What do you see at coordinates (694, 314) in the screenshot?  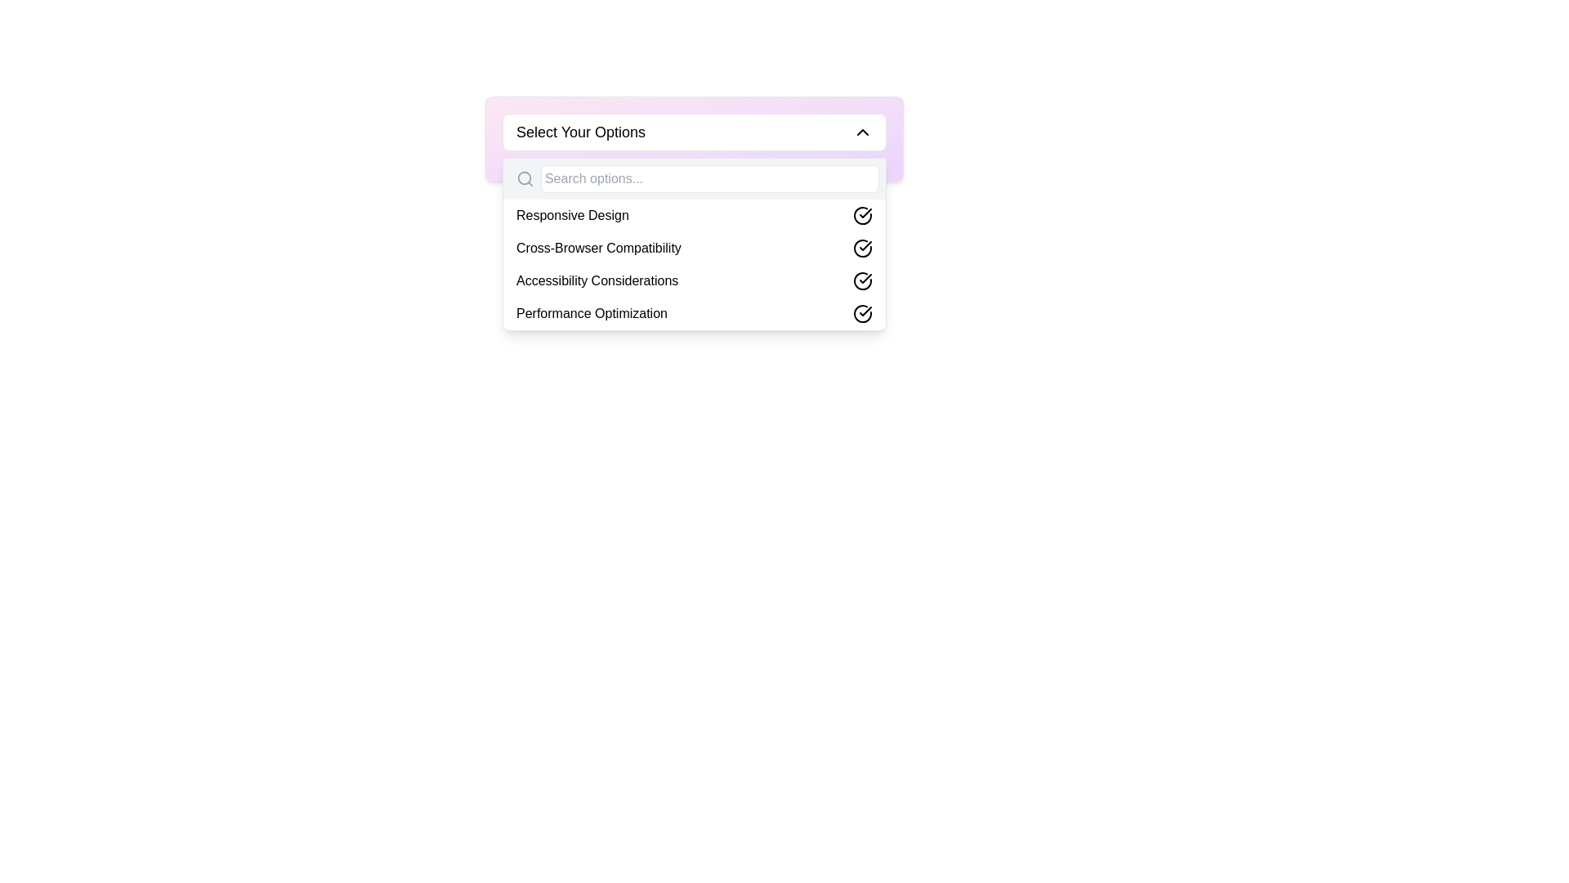 I see `the 'Performance Optimization' selectable list item with a checkbox in the dropdown menu labeled 'Select Your Options'` at bounding box center [694, 314].